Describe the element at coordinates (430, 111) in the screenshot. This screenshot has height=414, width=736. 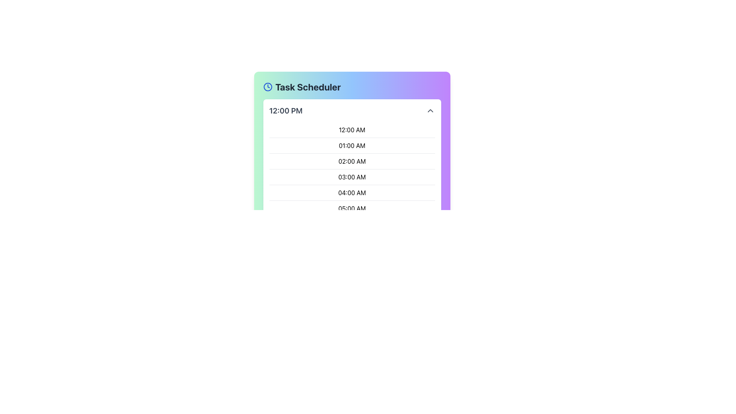
I see `the increment button located at the far-right end of the horizontal bar displaying '12:00 PM' to interact with it` at that location.